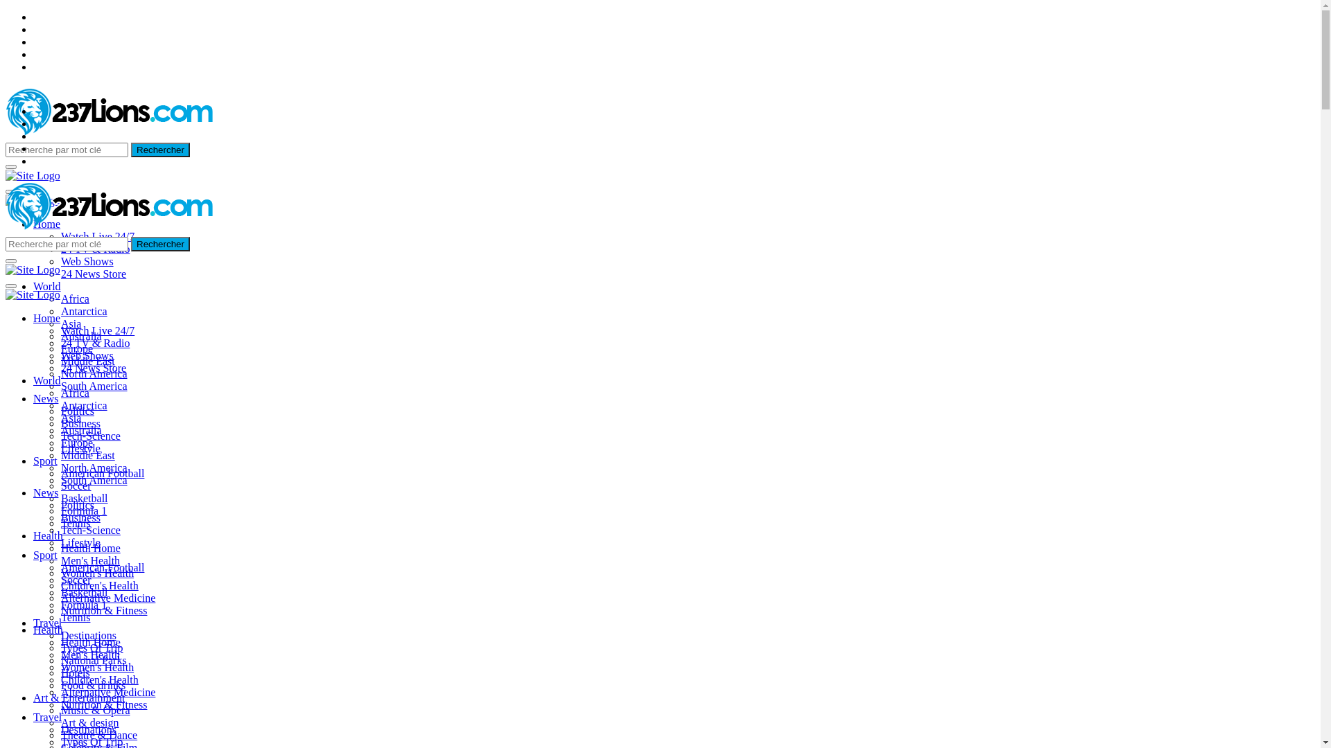 The image size is (1331, 748). I want to click on 'Watch Live 24/7', so click(96, 235).